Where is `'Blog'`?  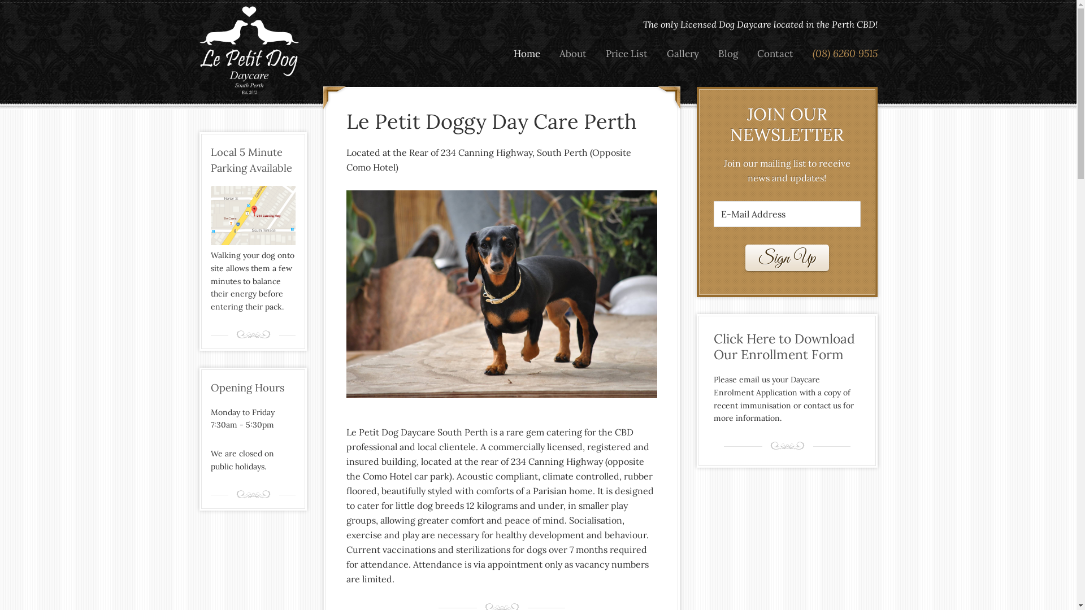 'Blog' is located at coordinates (728, 54).